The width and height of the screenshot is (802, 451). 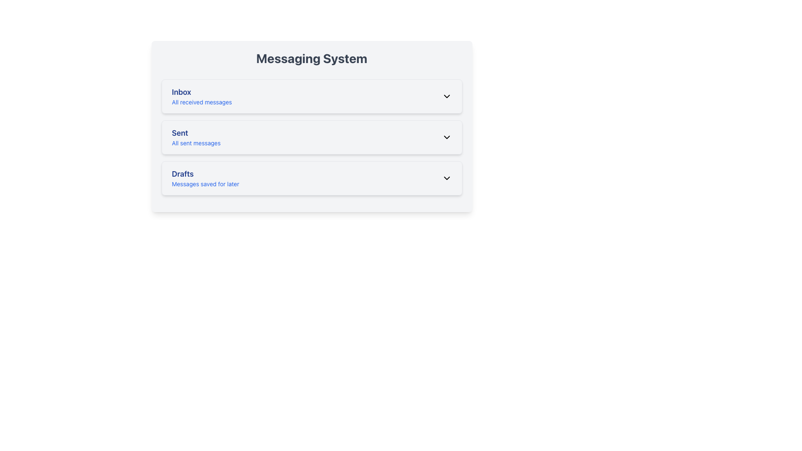 I want to click on the button located below the 'Inbox' section and above the 'Drafts' section, so click(x=311, y=137).